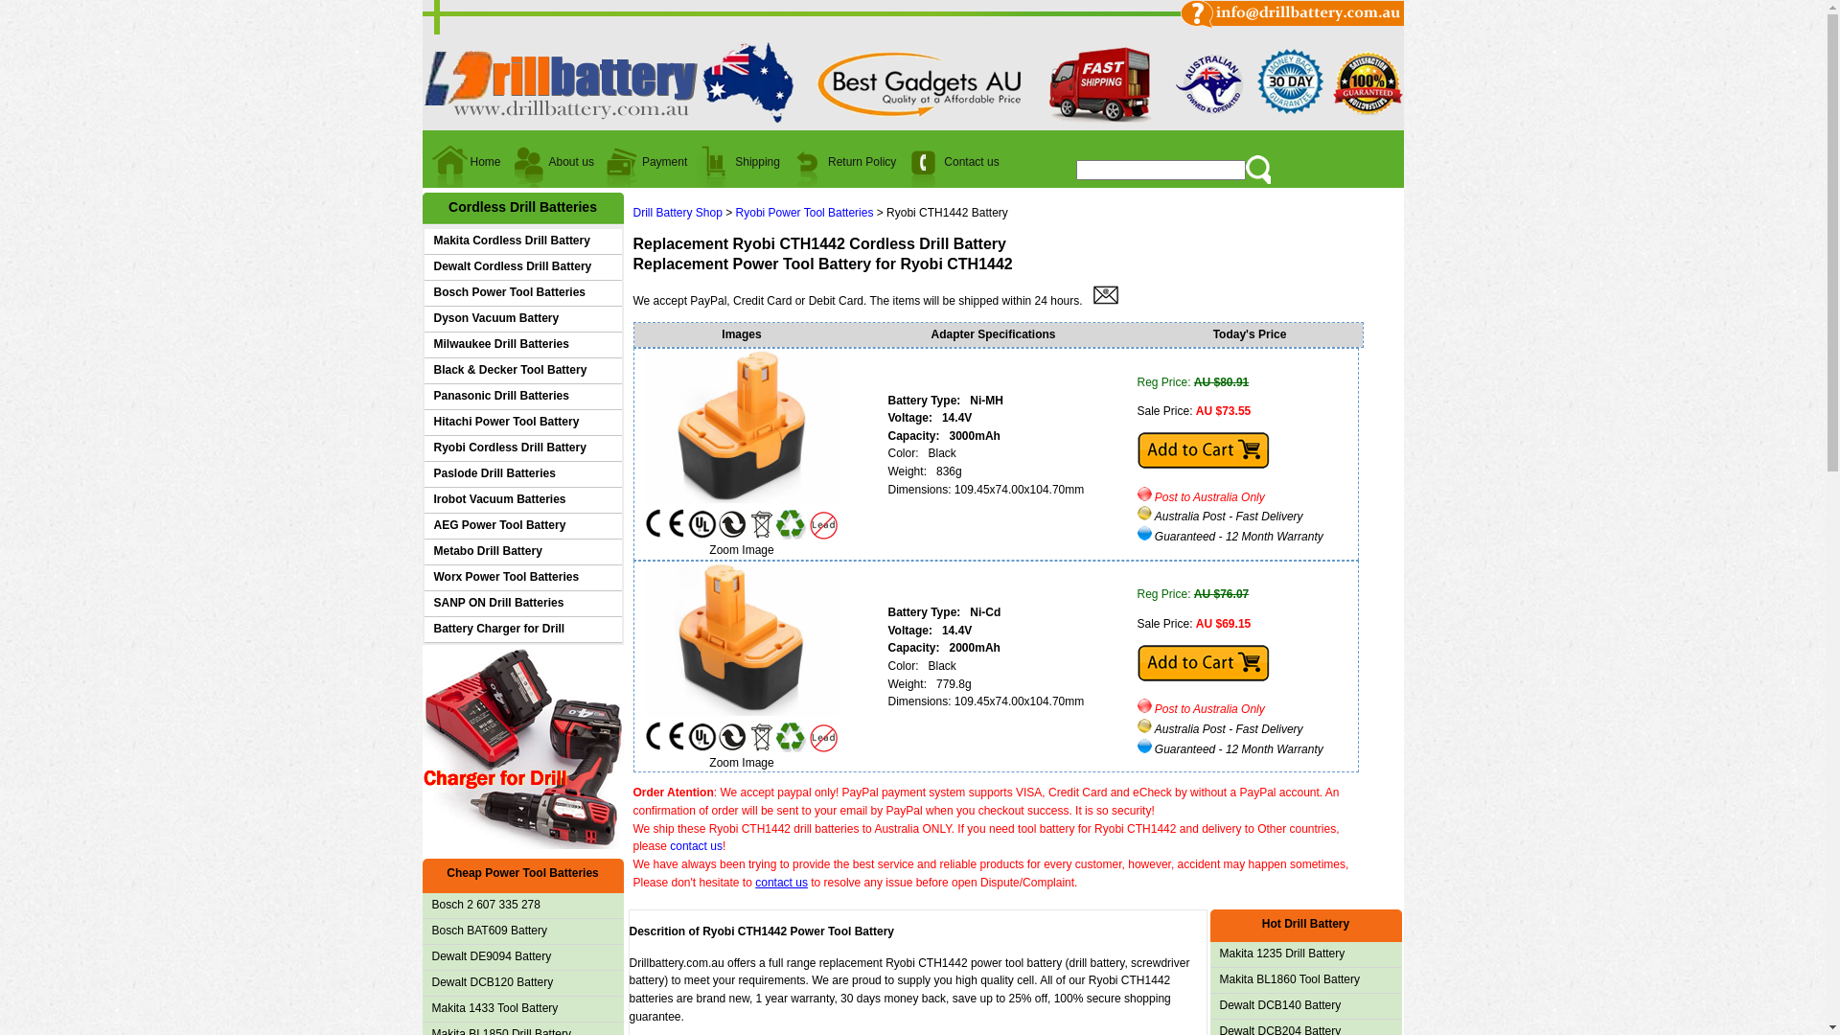 The image size is (1840, 1035). What do you see at coordinates (422, 629) in the screenshot?
I see `'Battery Charger for Drill'` at bounding box center [422, 629].